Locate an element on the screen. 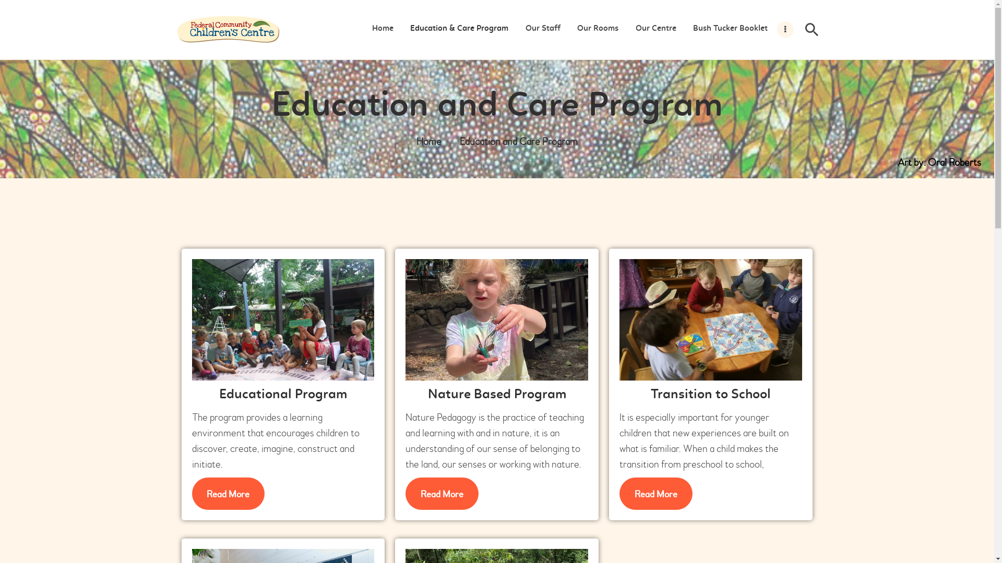  'Read More' is located at coordinates (405, 493).